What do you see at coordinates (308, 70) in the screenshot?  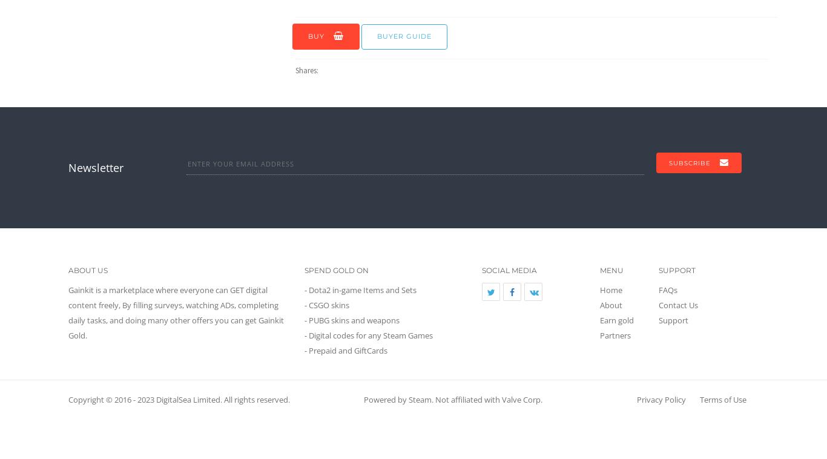 I see `'Shares:'` at bounding box center [308, 70].